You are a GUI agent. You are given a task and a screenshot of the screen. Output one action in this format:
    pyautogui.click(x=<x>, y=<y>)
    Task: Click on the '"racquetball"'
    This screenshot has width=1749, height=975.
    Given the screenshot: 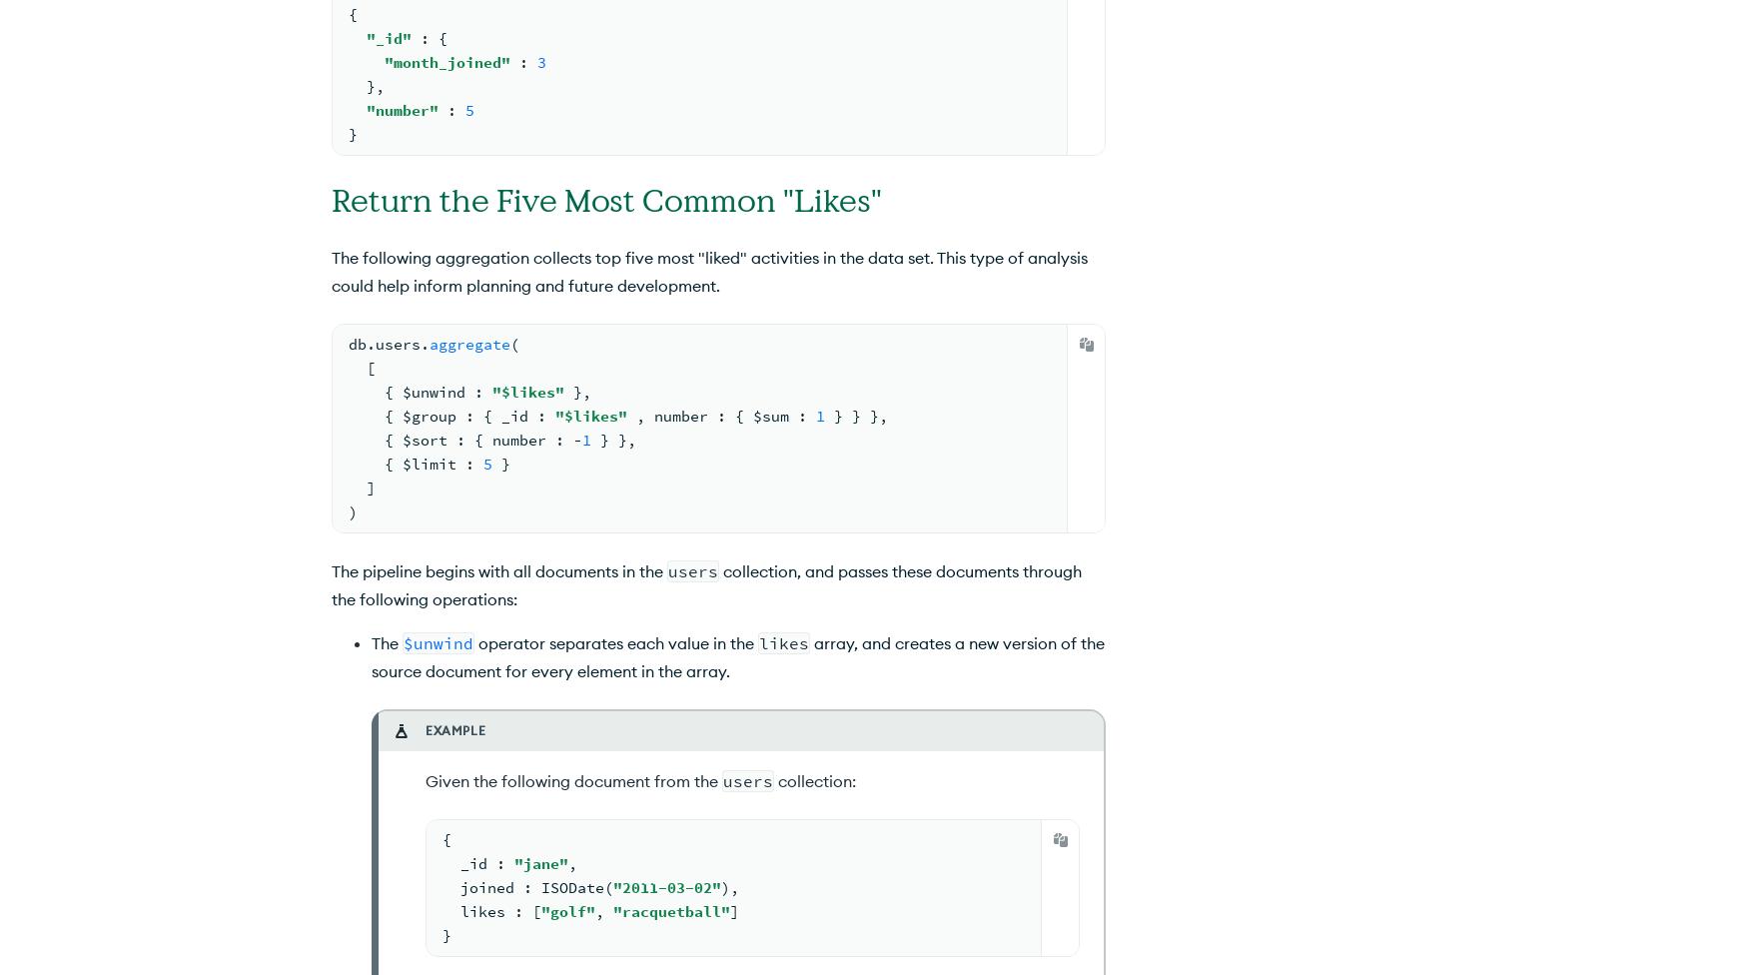 What is the action you would take?
    pyautogui.click(x=670, y=910)
    